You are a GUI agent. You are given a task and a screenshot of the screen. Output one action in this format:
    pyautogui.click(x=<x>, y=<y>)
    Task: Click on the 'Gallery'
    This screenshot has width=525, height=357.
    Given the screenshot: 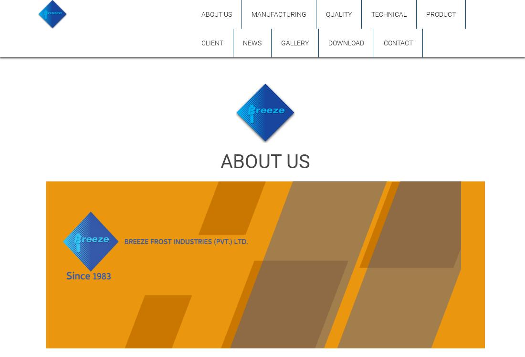 What is the action you would take?
    pyautogui.click(x=294, y=43)
    